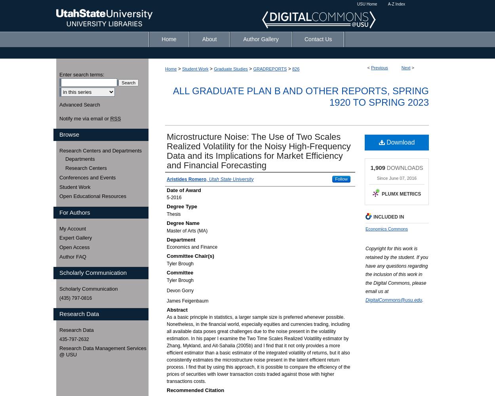 Image resolution: width=495 pixels, height=396 pixels. I want to click on 'My Account', so click(72, 228).